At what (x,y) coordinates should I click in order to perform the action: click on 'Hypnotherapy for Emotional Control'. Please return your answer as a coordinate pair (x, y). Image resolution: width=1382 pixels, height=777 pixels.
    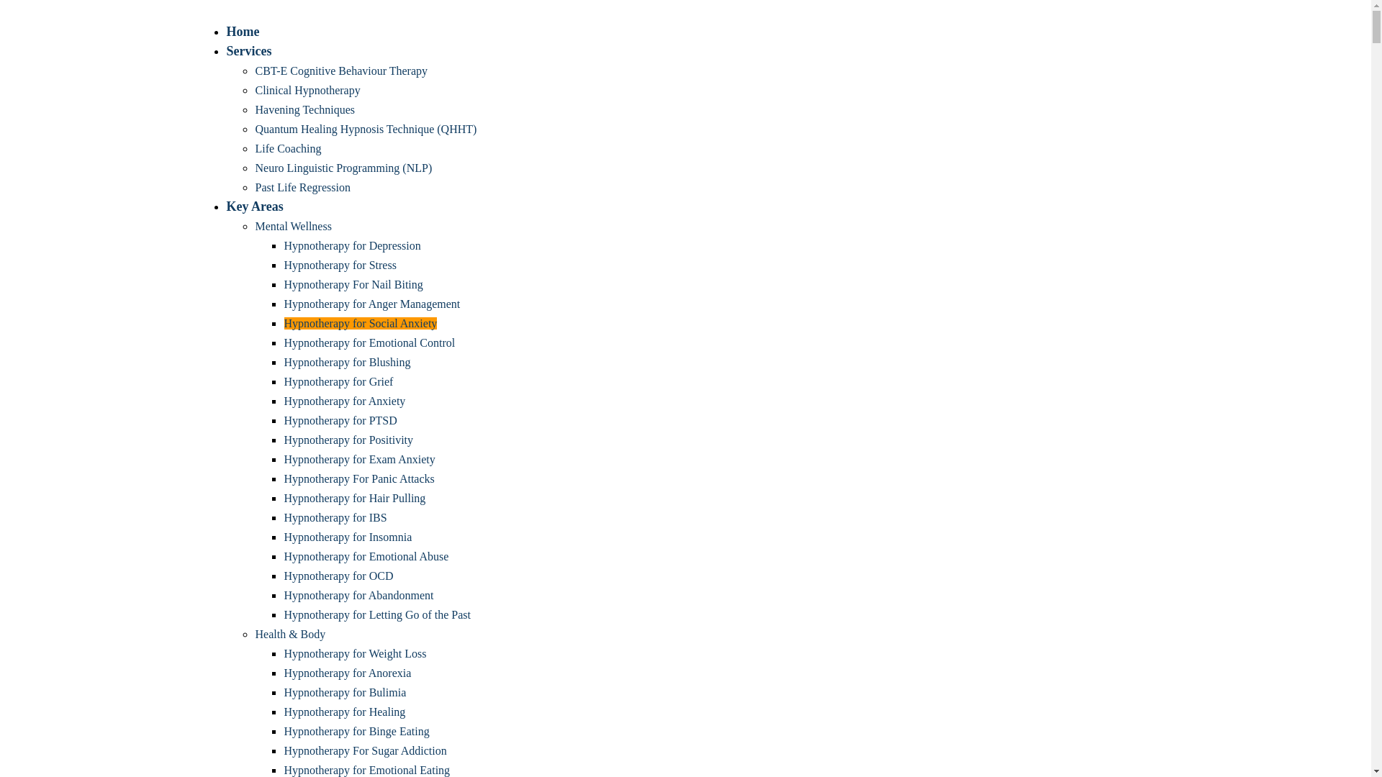
    Looking at the image, I should click on (369, 342).